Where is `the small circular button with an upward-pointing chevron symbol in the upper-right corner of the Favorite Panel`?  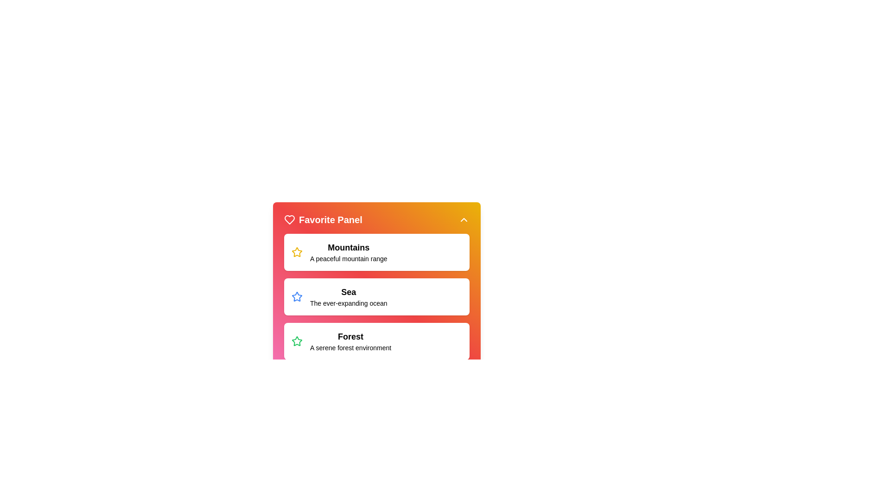
the small circular button with an upward-pointing chevron symbol in the upper-right corner of the Favorite Panel is located at coordinates (464, 220).